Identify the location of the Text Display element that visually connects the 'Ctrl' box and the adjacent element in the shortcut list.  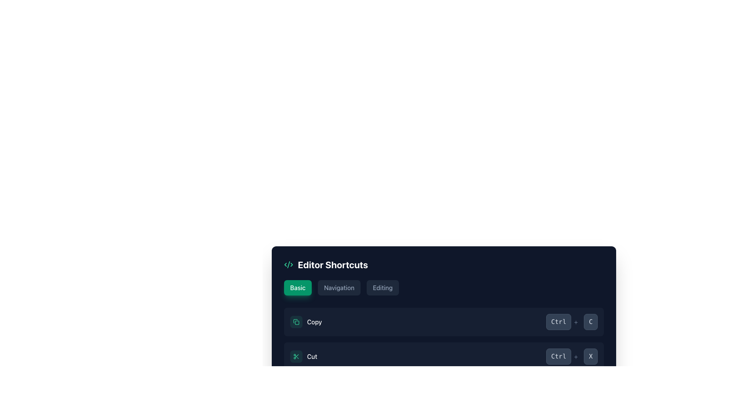
(576, 322).